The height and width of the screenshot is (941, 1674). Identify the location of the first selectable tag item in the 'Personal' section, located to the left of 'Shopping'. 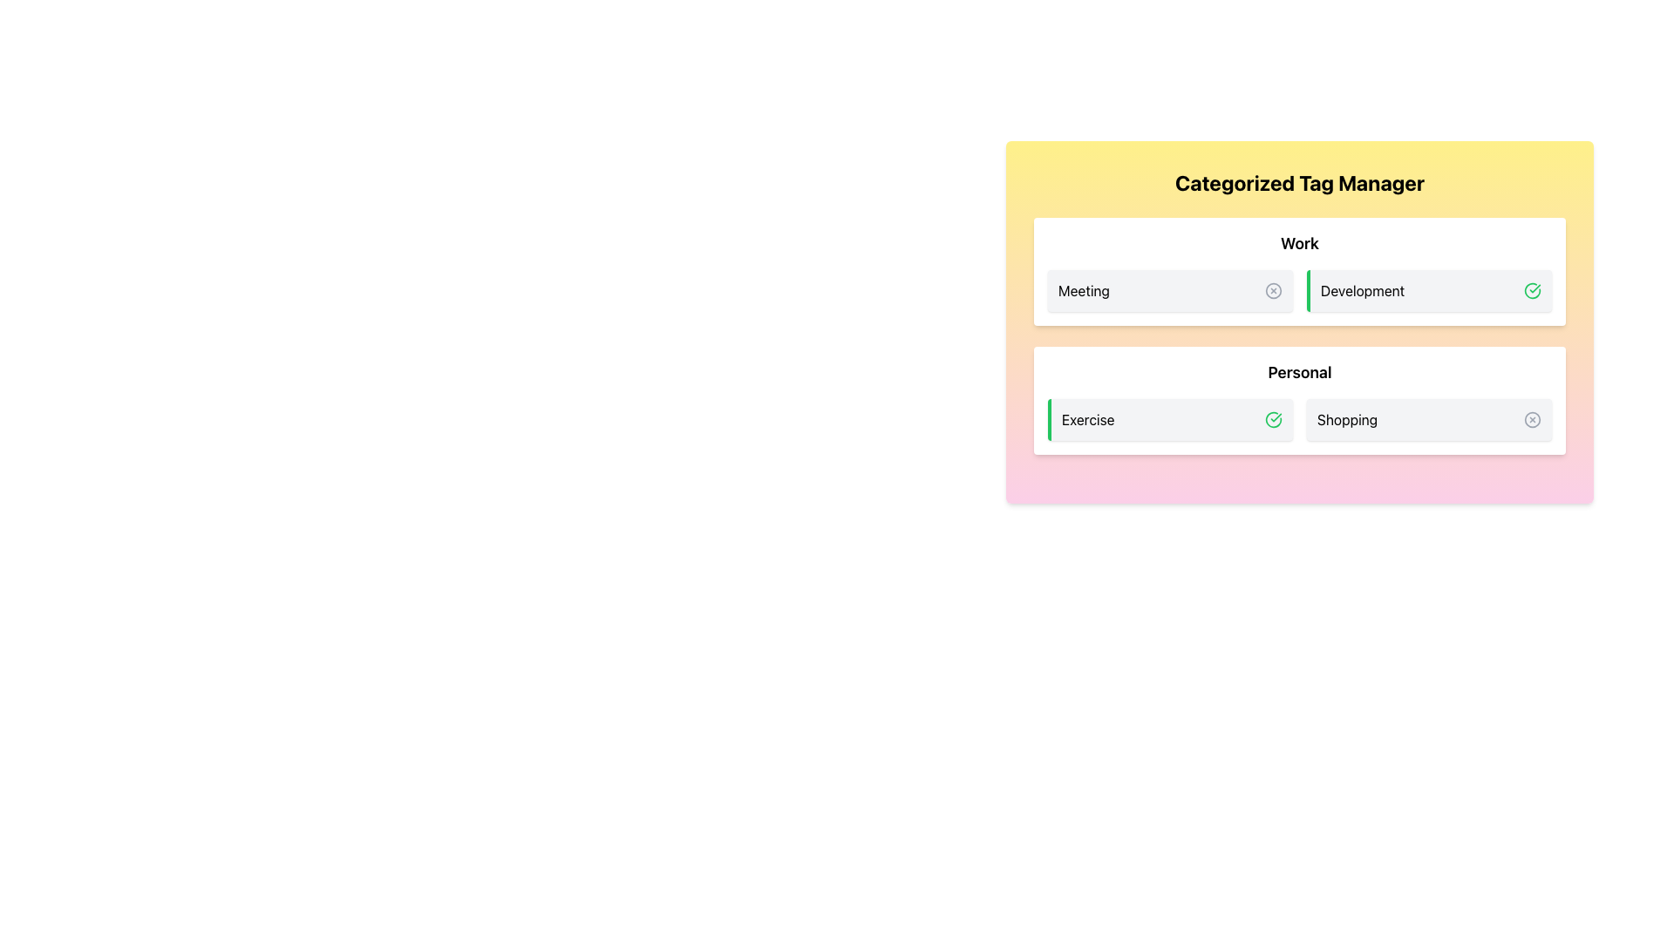
(1170, 420).